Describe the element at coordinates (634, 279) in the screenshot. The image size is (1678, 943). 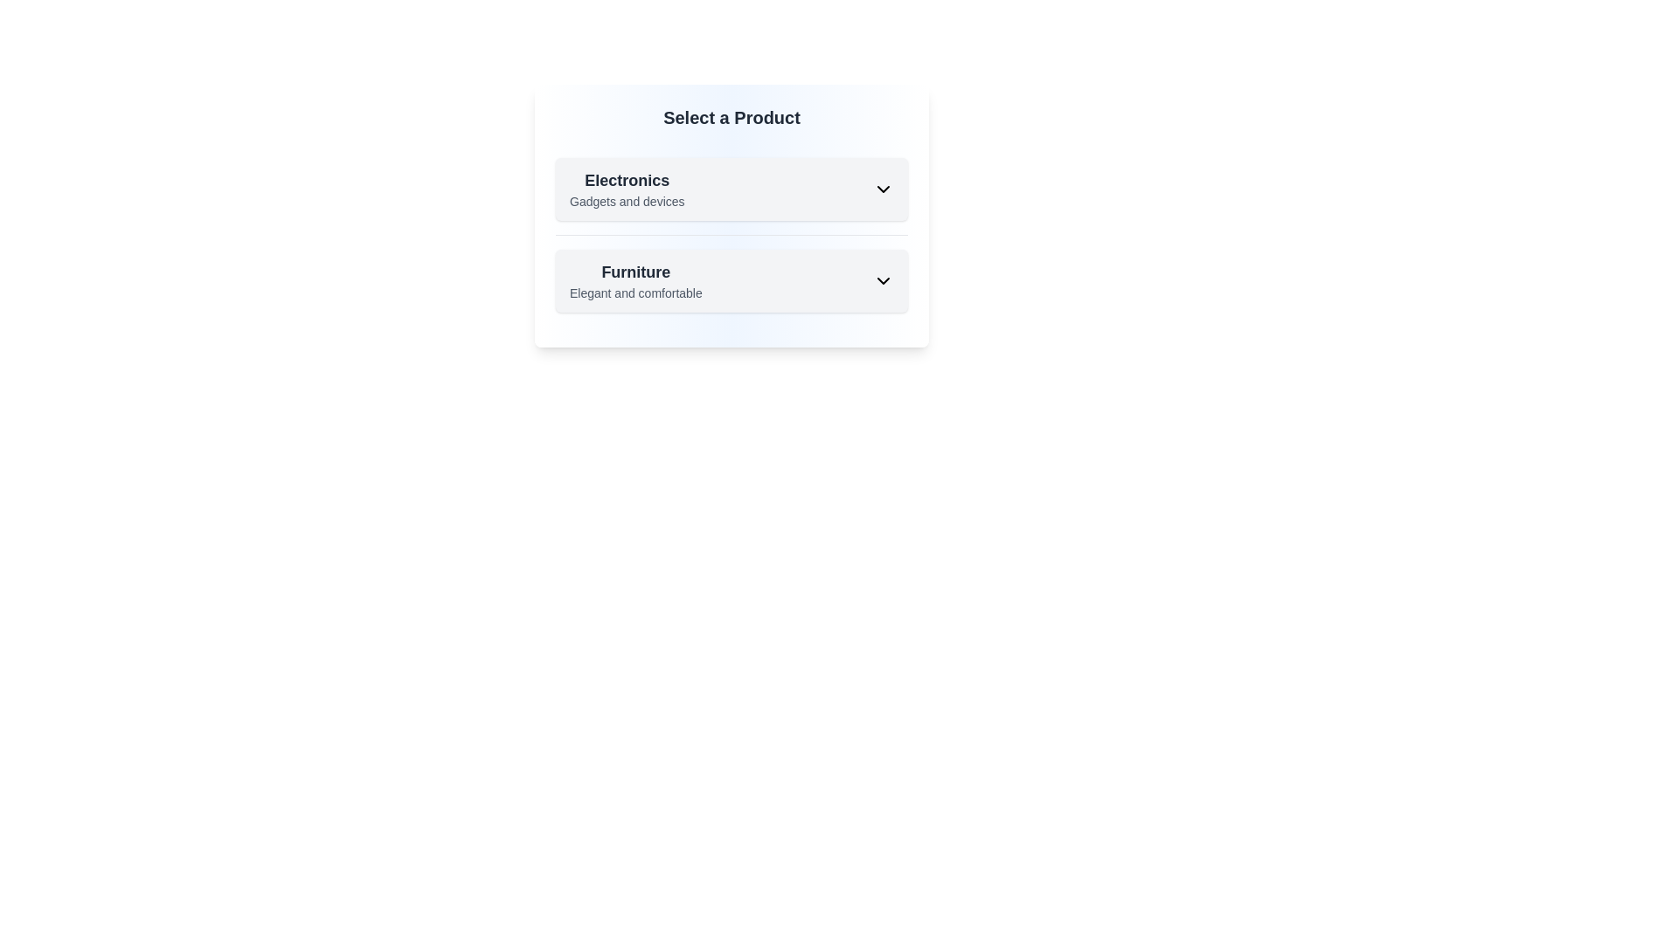
I see `the 'Furniture' list item with the description 'Elegant and comfortable' located in the second card of a vertical list, below the 'Electronics' card` at that location.